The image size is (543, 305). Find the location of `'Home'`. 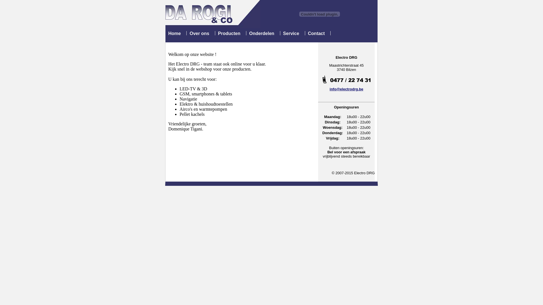

'Home' is located at coordinates (174, 33).